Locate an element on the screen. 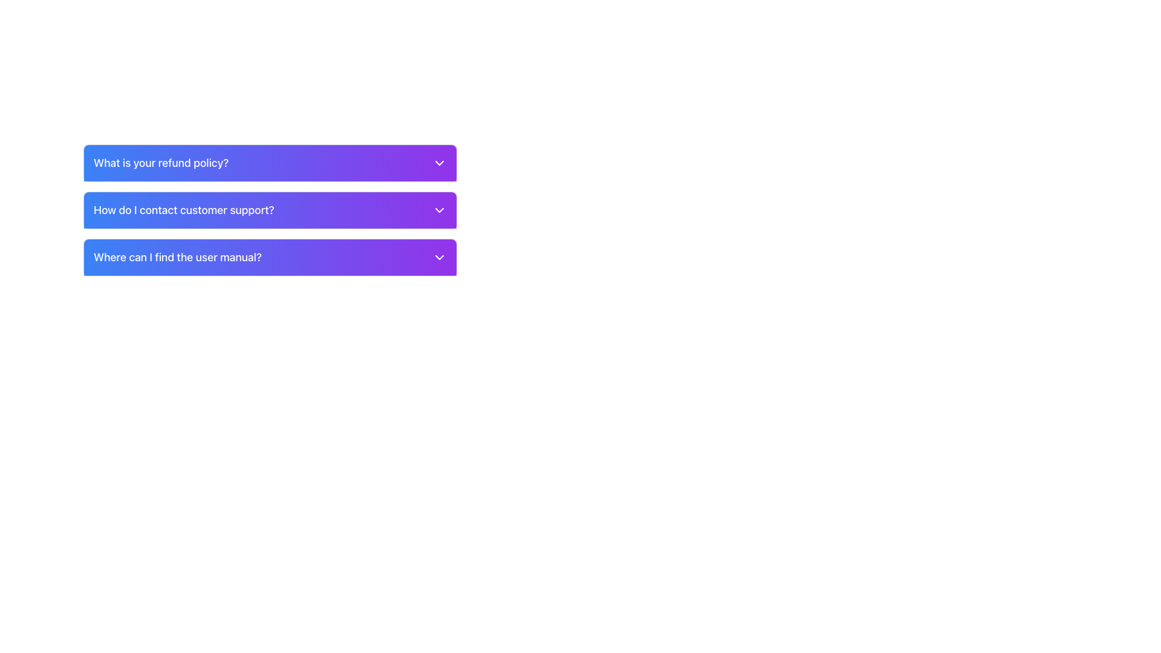 This screenshot has width=1161, height=653. the interactive list item containing the question 'How do I contact customer support?' is located at coordinates (269, 209).